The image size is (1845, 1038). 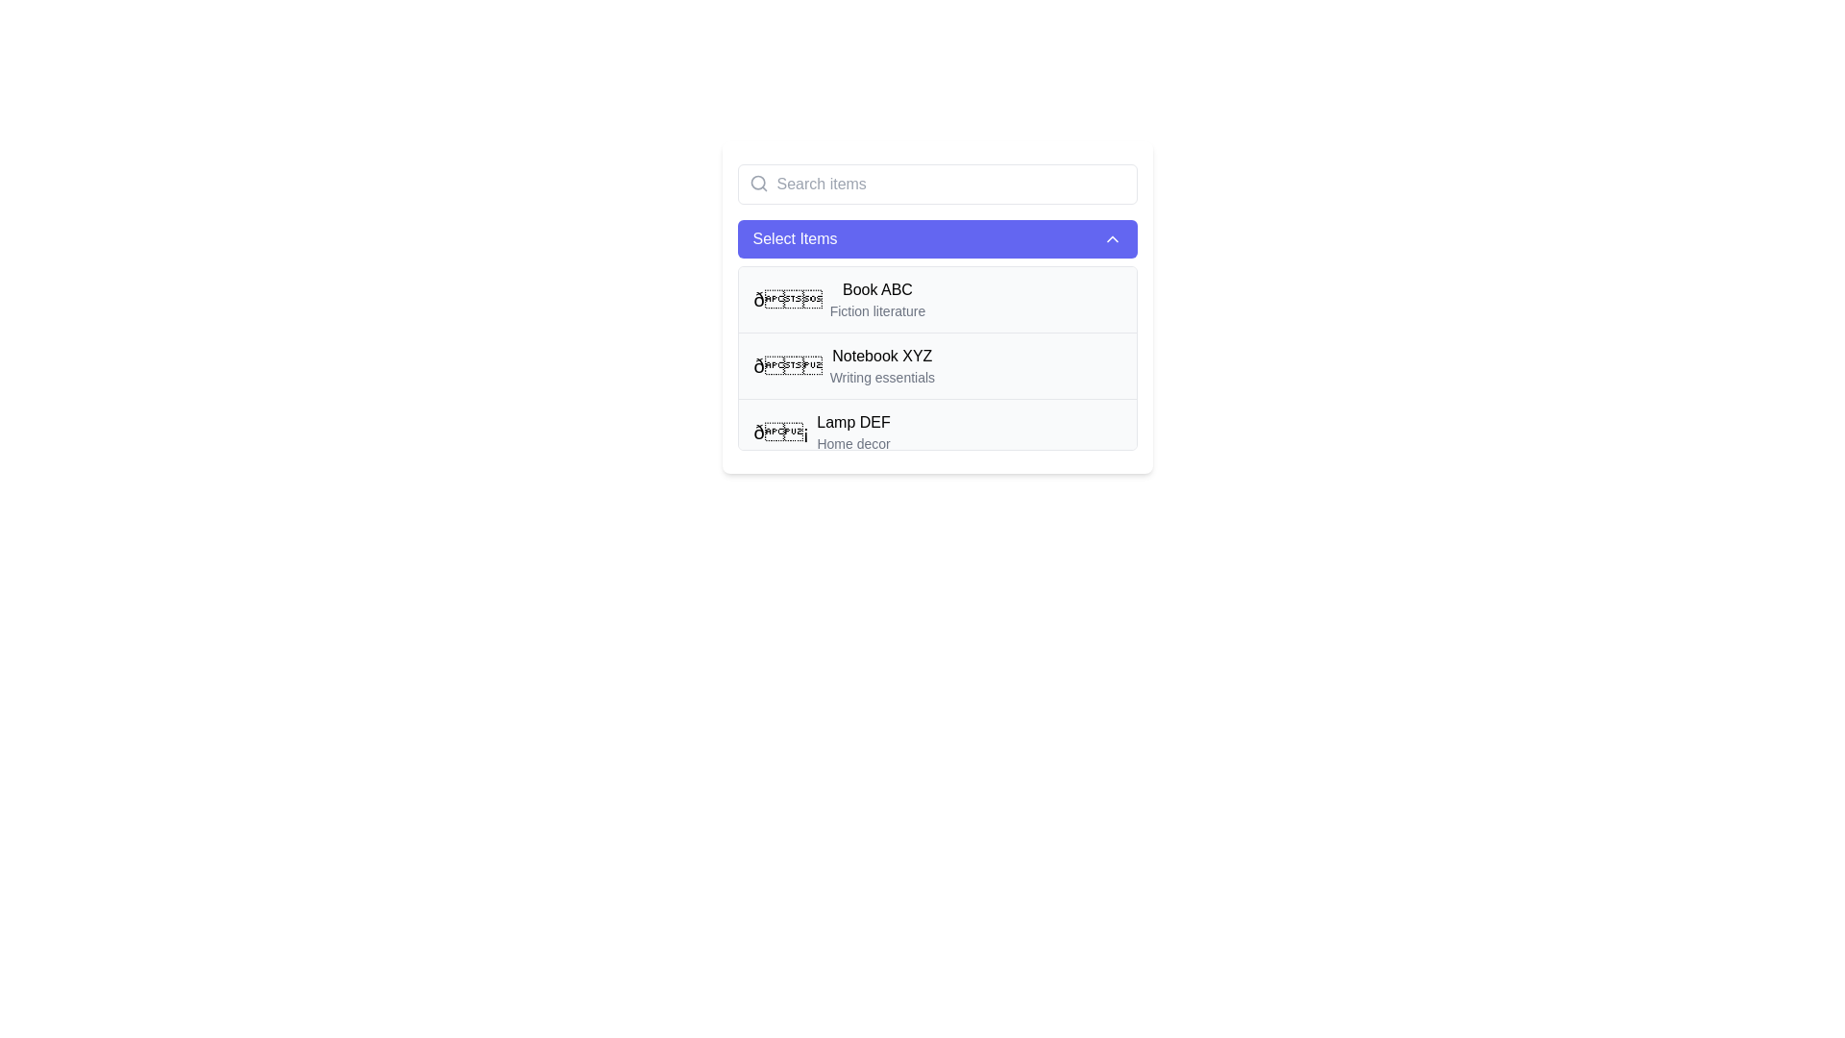 I want to click on the first list item in the dropdown menu labeled 'Select Items', which displays the book icon and the text 'Book ABC' and 'Fiction literature', so click(x=839, y=300).